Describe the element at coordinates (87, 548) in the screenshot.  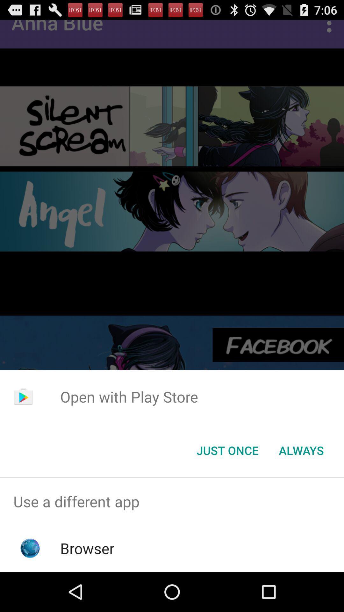
I see `the icon below use a different app` at that location.